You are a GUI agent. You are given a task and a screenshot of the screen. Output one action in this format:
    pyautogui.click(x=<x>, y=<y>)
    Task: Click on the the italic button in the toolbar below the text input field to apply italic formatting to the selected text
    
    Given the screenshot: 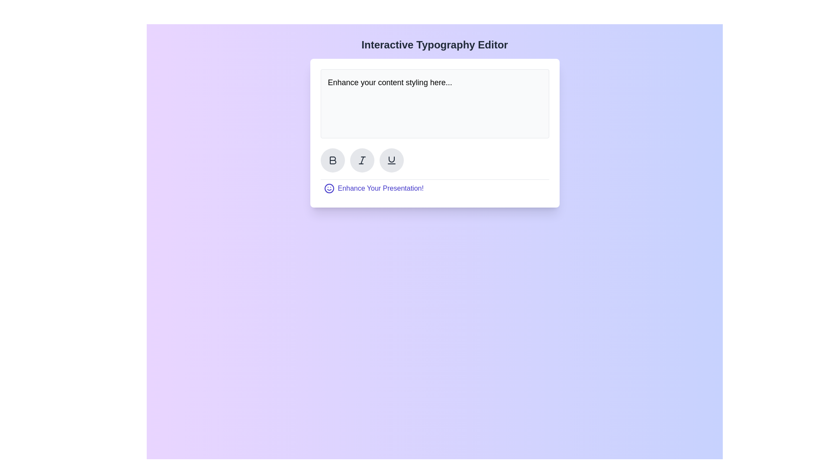 What is the action you would take?
    pyautogui.click(x=362, y=160)
    